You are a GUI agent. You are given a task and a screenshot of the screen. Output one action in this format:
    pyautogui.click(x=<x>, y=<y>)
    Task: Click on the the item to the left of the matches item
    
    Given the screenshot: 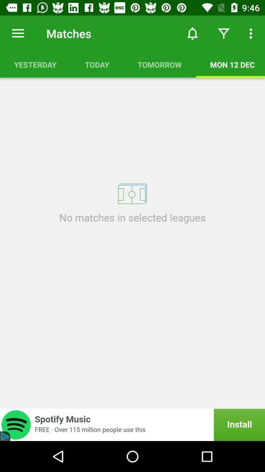 What is the action you would take?
    pyautogui.click(x=18, y=33)
    